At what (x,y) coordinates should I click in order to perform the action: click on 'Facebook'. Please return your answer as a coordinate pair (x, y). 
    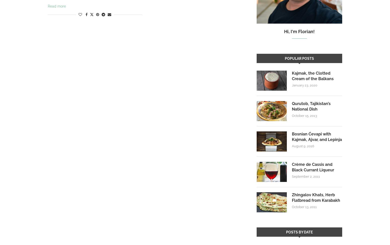
    Looking at the image, I should click on (86, 25).